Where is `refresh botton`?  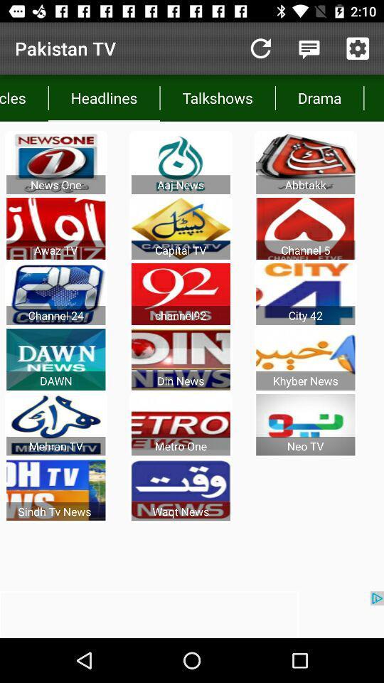 refresh botton is located at coordinates (260, 48).